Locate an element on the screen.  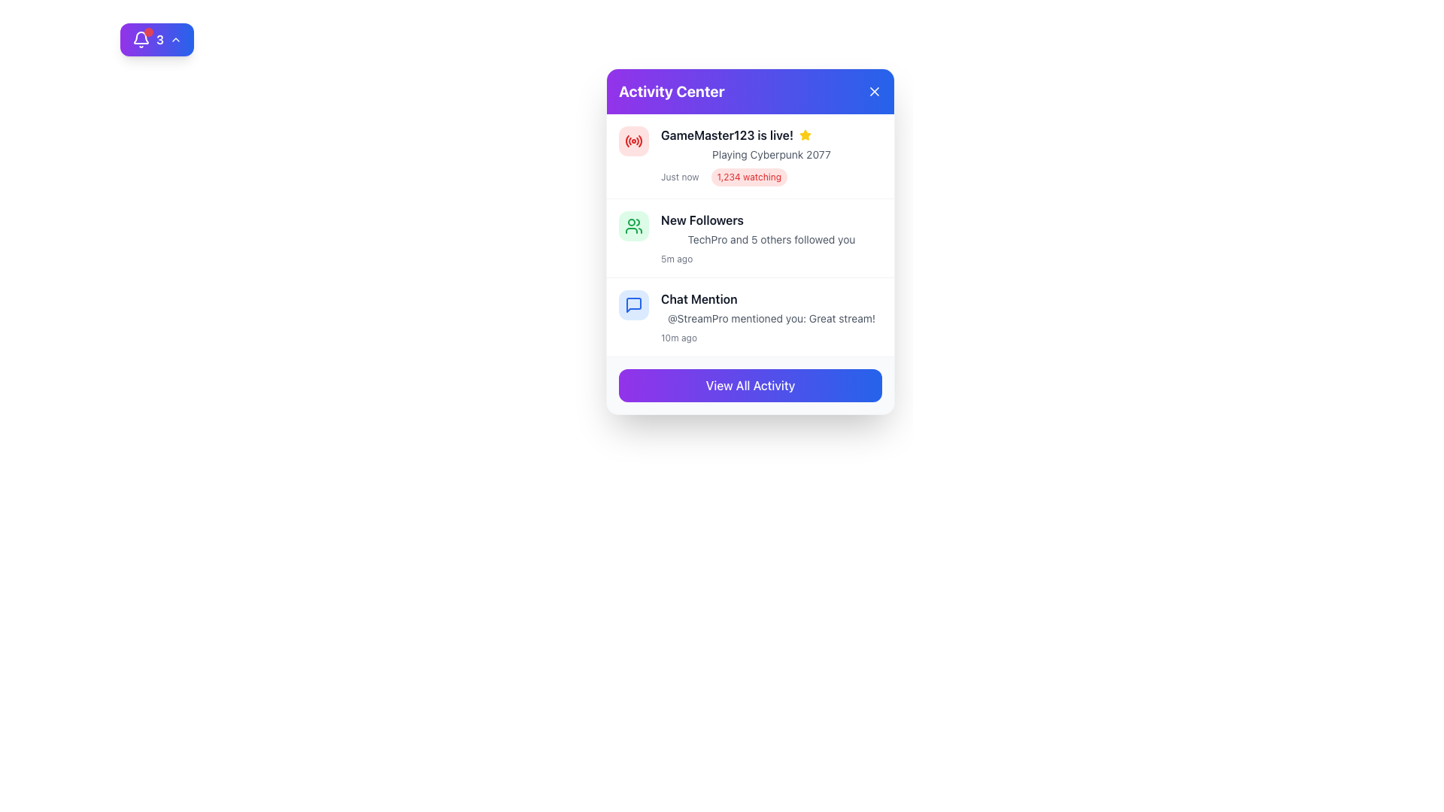
the 'Chat Mention' notification entry in the user activity panel is located at coordinates (751, 316).